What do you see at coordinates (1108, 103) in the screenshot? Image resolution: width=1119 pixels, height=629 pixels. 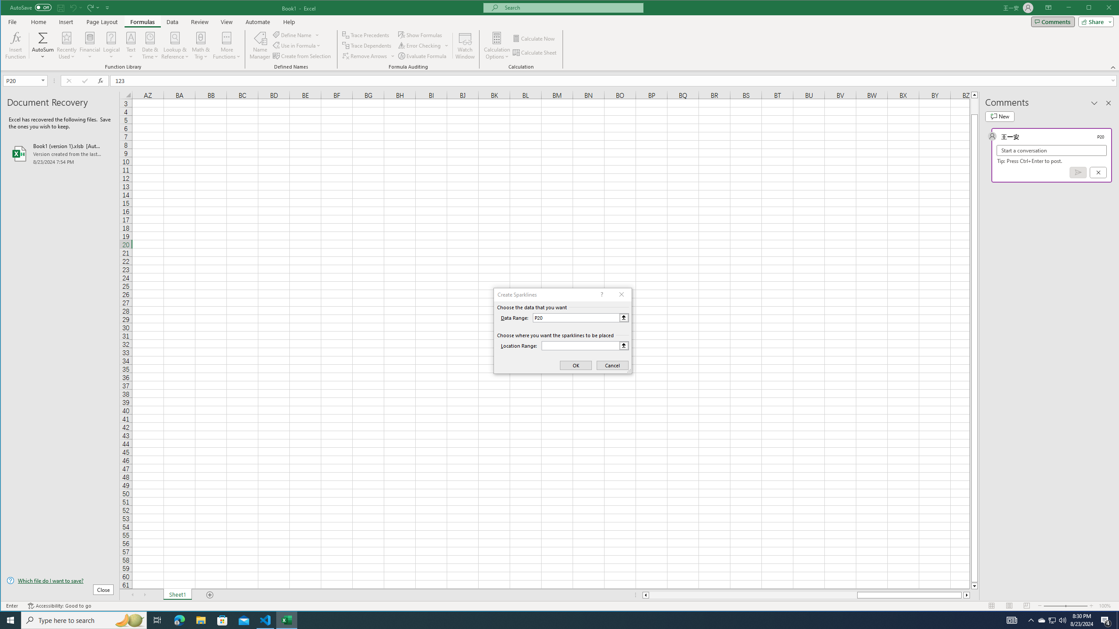 I see `'Close pane'` at bounding box center [1108, 103].